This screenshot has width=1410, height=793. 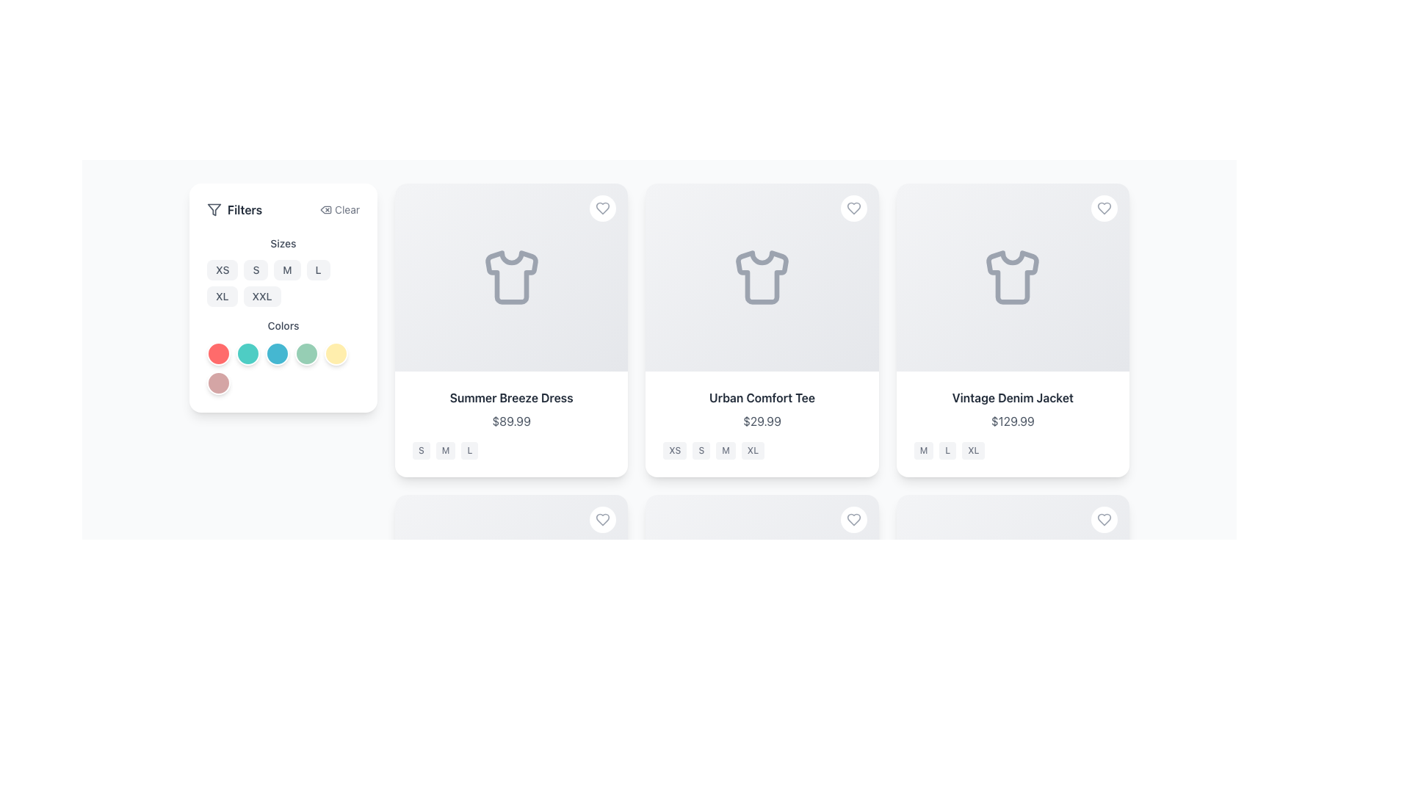 I want to click on the price label displaying '$129.99' for the product 'Vintage Denim Jacket', which is located below the product name and above the size options, so click(x=1012, y=421).